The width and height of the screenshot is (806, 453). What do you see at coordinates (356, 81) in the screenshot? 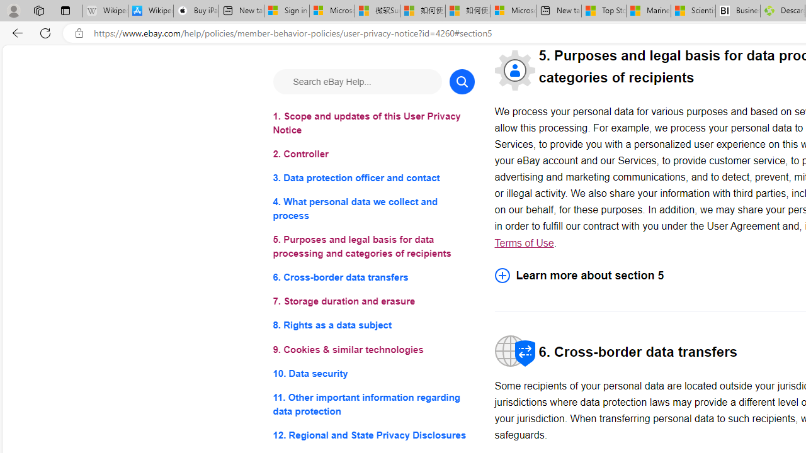
I see `'Search eBay Help...'` at bounding box center [356, 81].